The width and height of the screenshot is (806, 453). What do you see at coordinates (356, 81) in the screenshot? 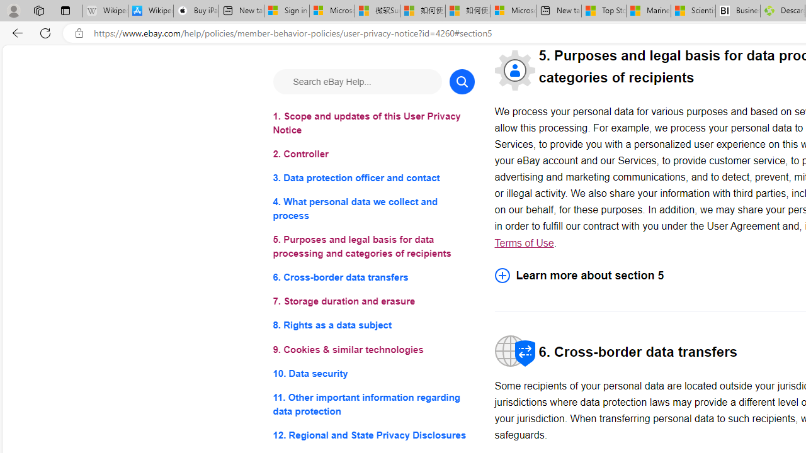
I see `'Search eBay Help...'` at bounding box center [356, 81].